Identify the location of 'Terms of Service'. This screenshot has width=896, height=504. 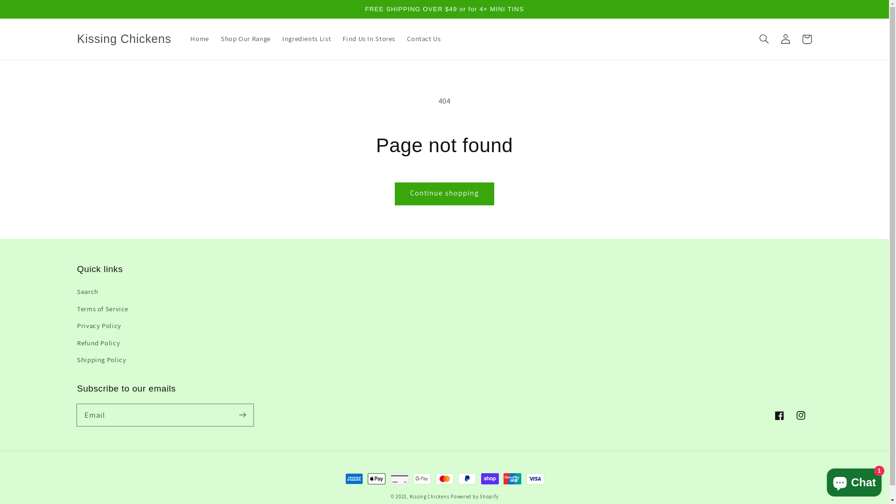
(103, 309).